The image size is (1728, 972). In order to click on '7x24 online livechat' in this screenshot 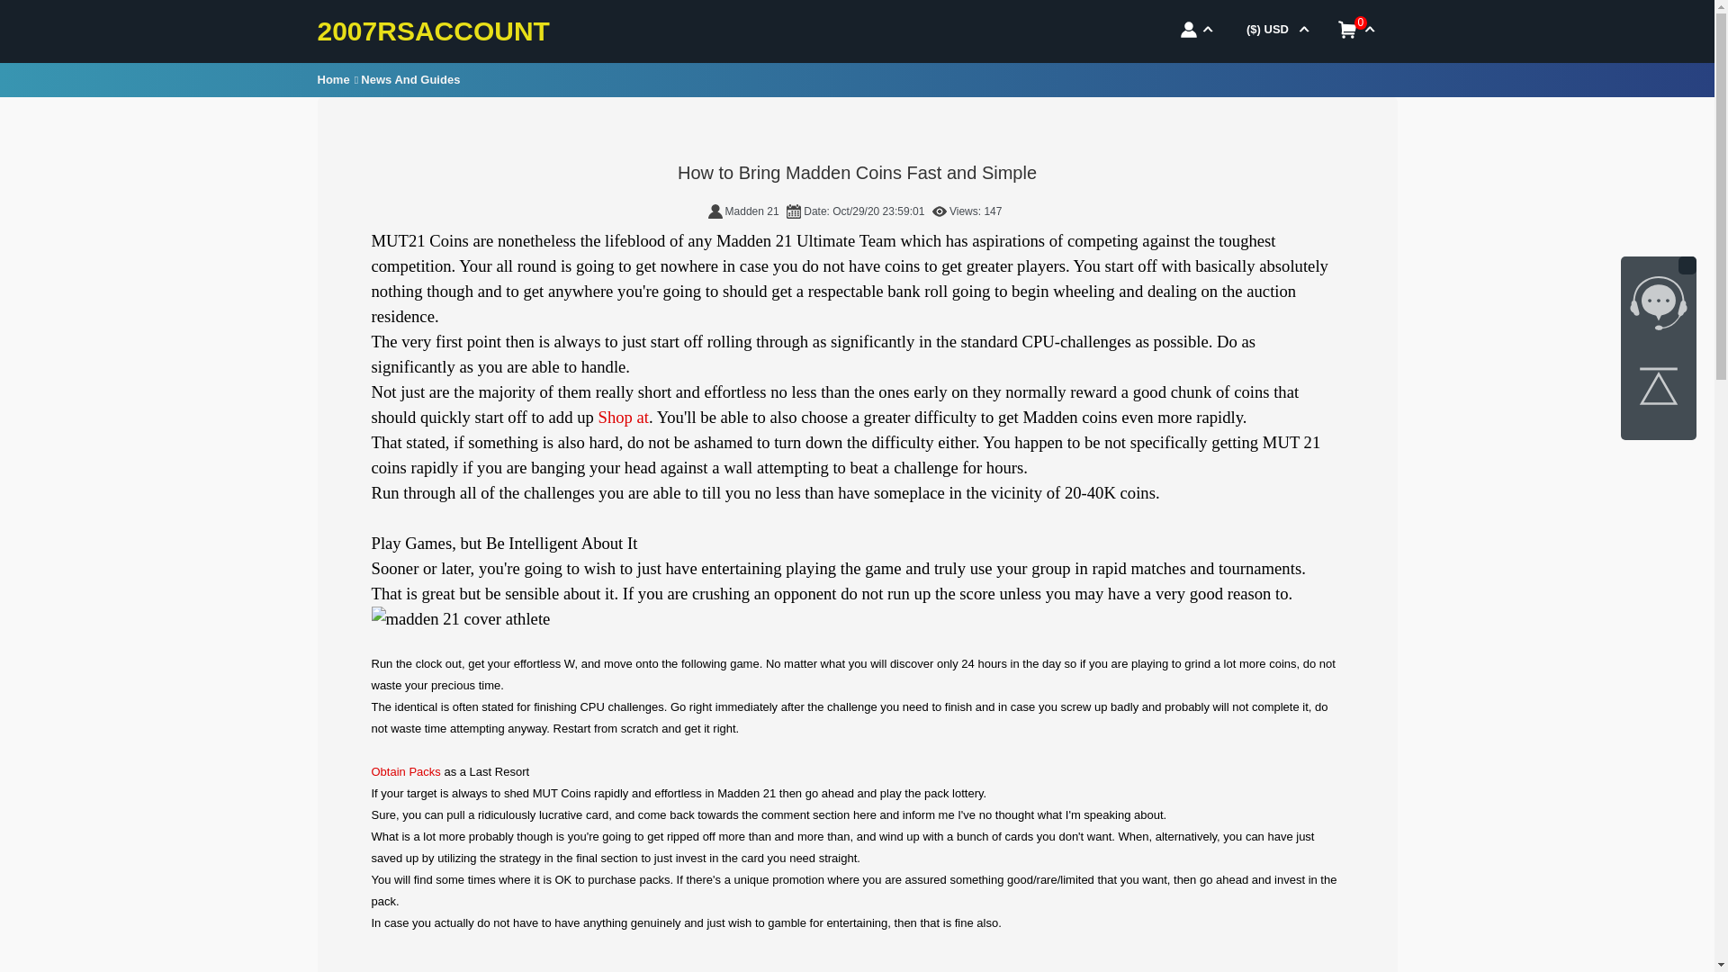, I will do `click(1658, 305)`.